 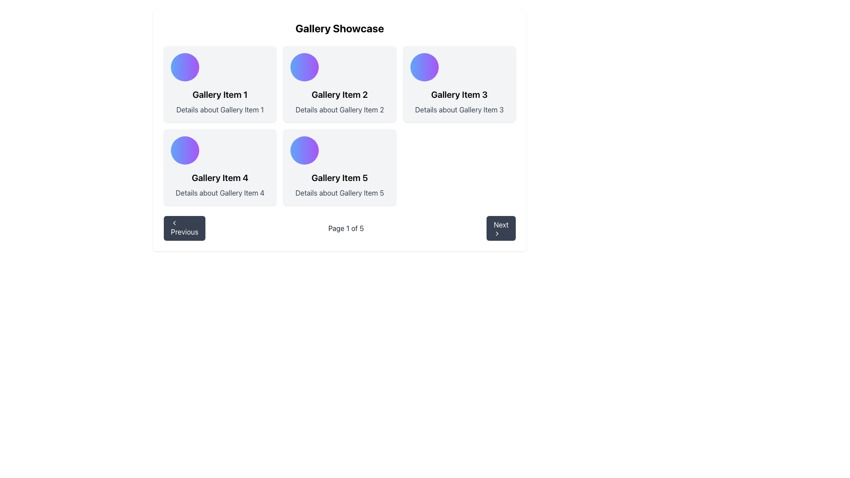 I want to click on the Text Display that shows the current page number and total pages, located between the 'Previous' and 'Next' buttons in the pagination section, so click(x=339, y=228).